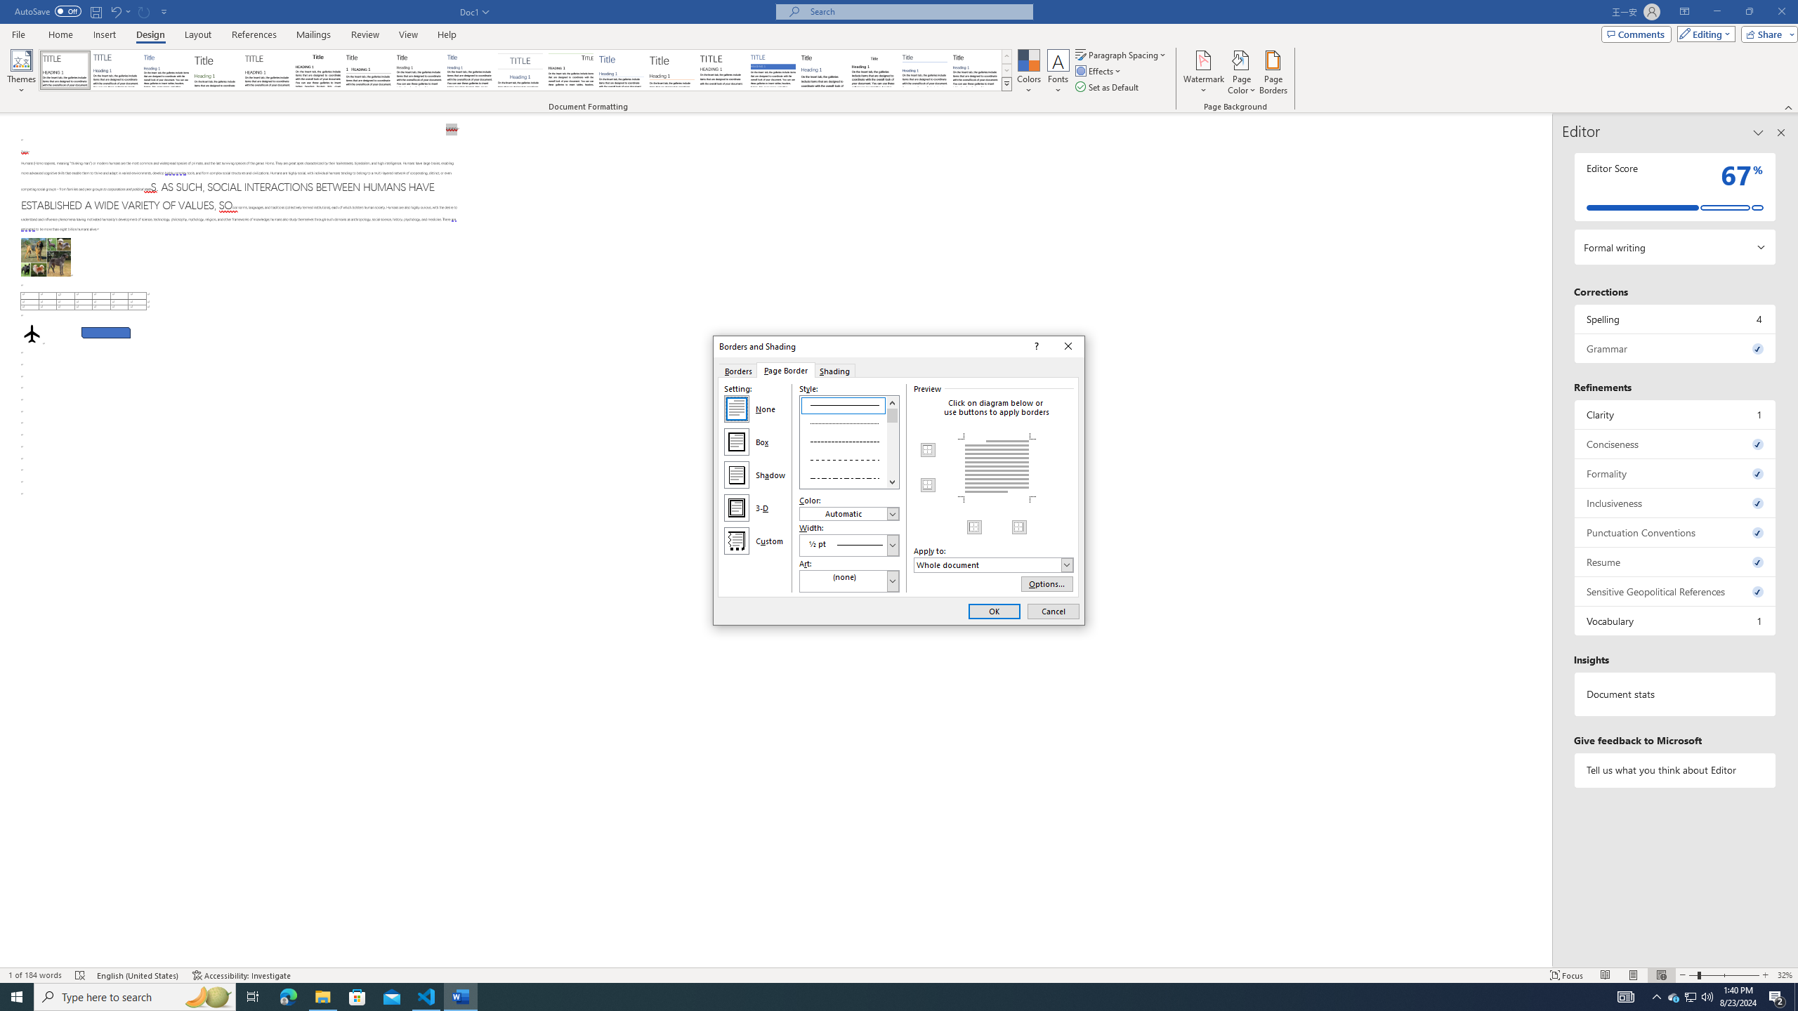  What do you see at coordinates (848, 544) in the screenshot?
I see `'Width:'` at bounding box center [848, 544].